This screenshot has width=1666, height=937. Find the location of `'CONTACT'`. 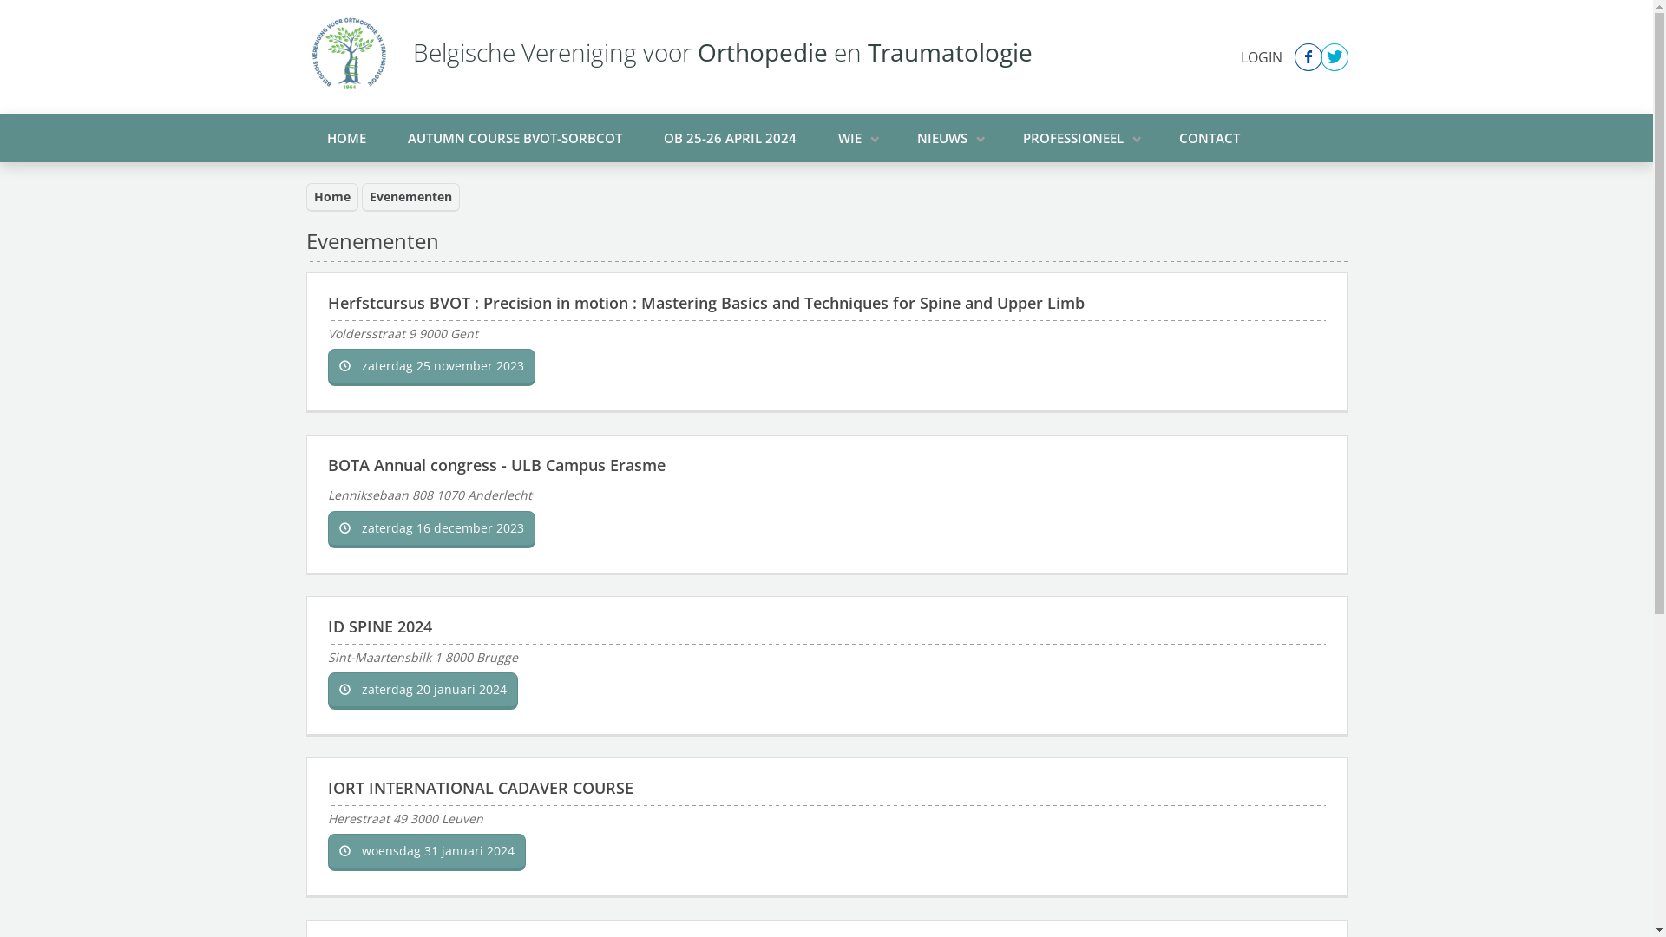

'CONTACT' is located at coordinates (1207, 136).